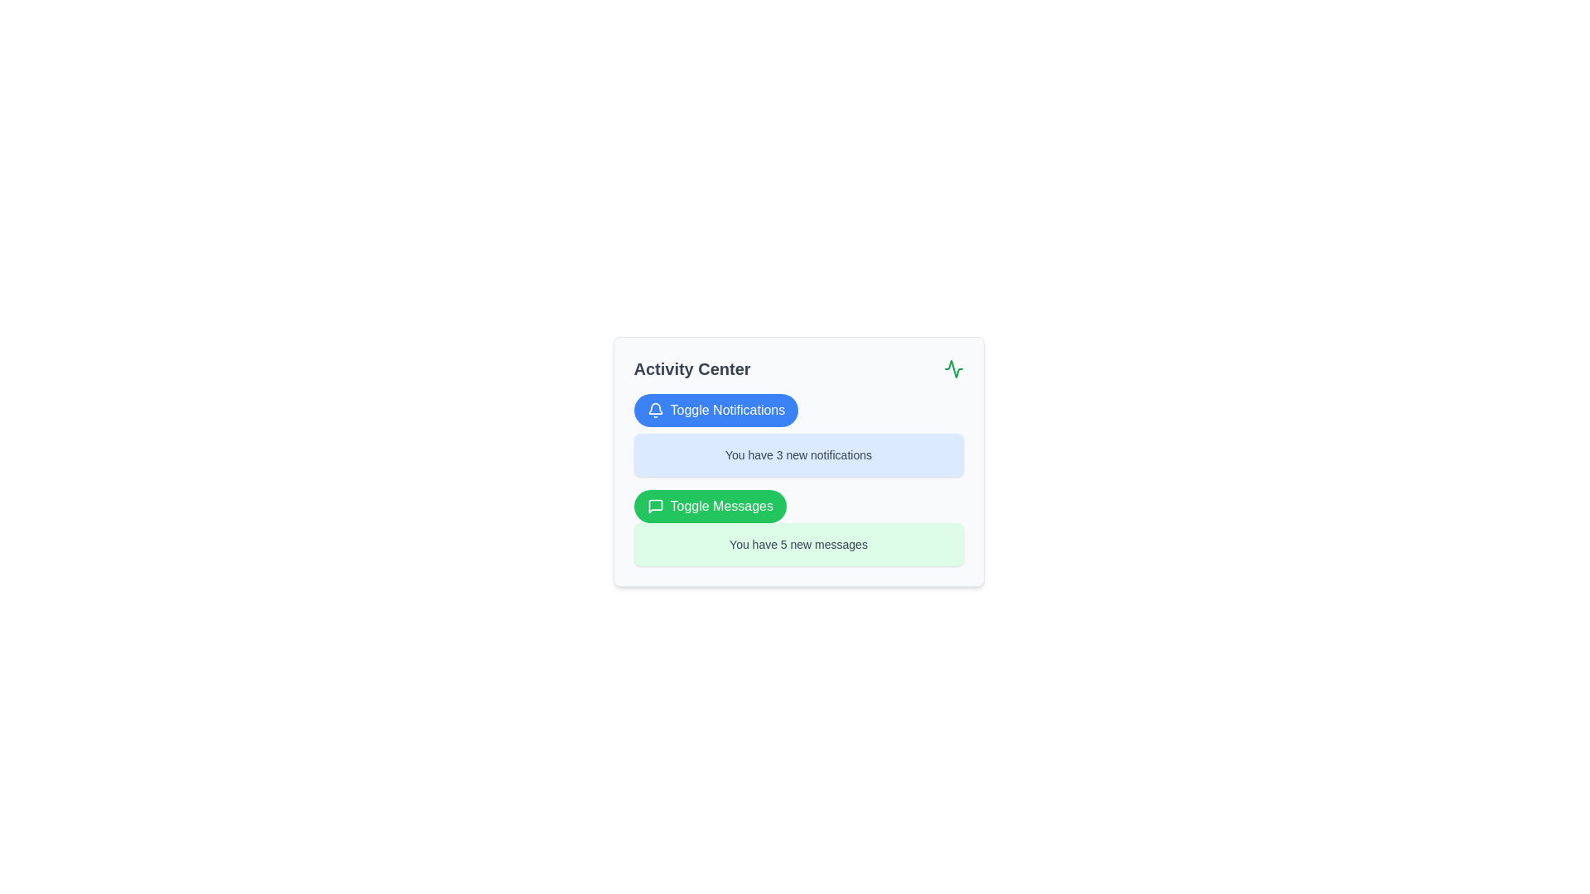  What do you see at coordinates (710, 506) in the screenshot?
I see `the button located below the 'Toggle Notifications' button and above the text box that says 'You have 5 new messages'` at bounding box center [710, 506].